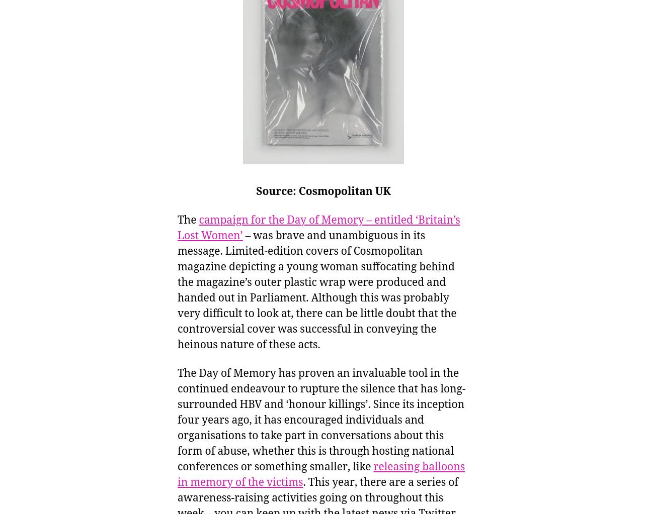  I want to click on 'World War One', so click(59, 58).